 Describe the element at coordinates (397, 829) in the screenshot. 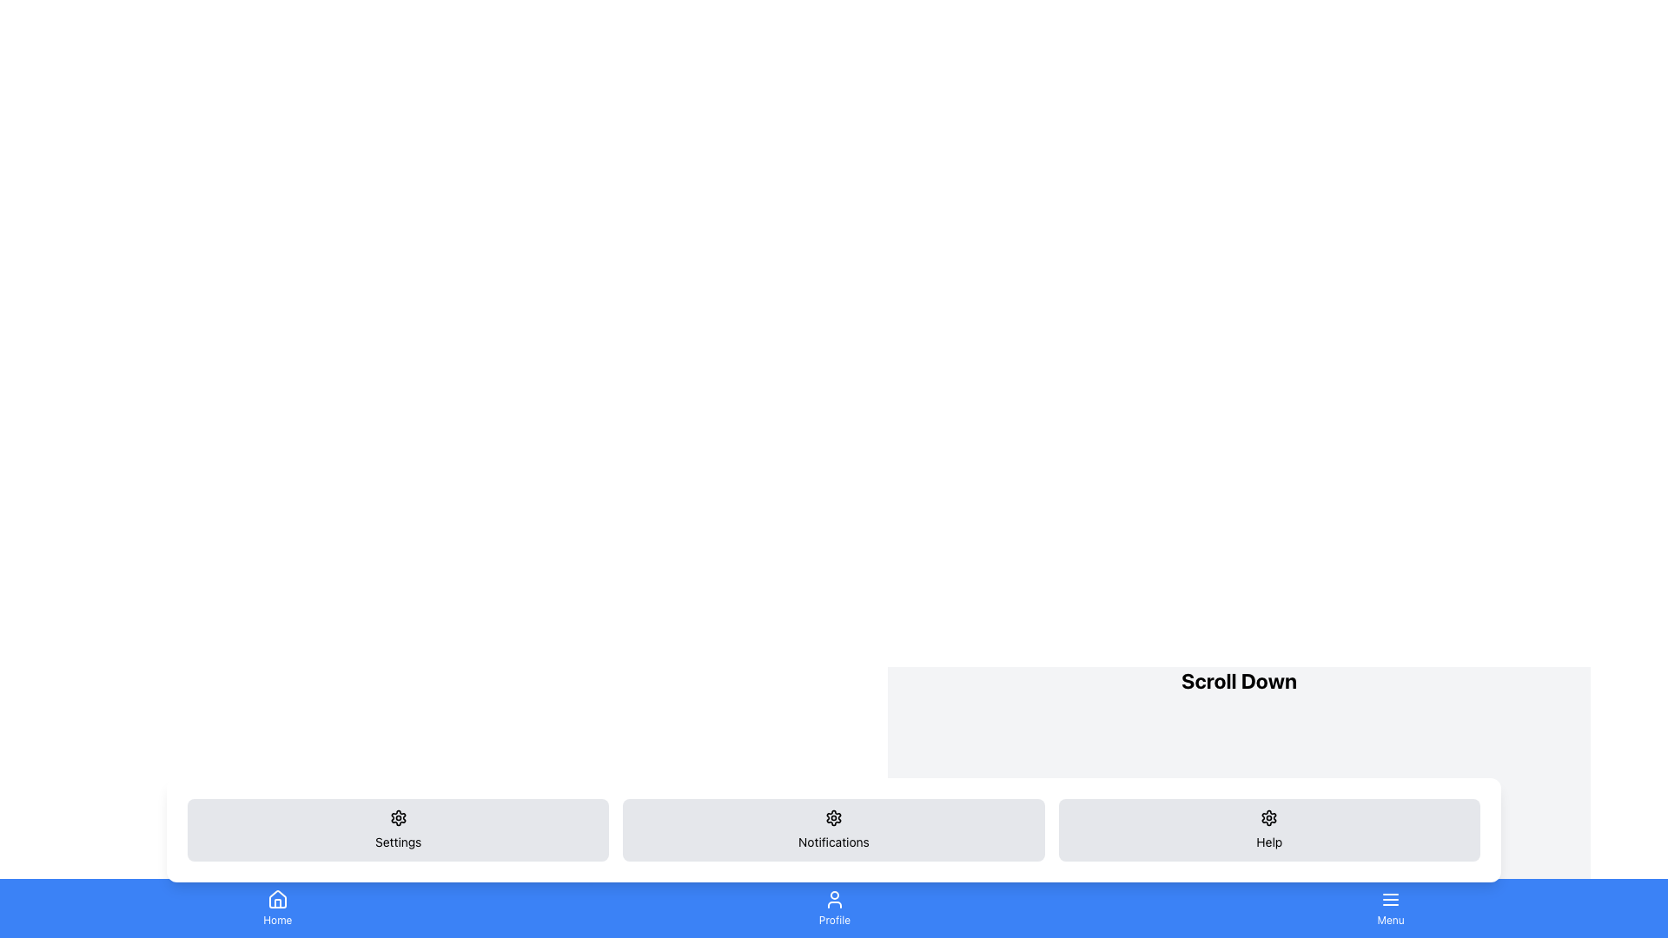

I see `the 'Settings' button with a gear icon to change its background color slightly` at that location.